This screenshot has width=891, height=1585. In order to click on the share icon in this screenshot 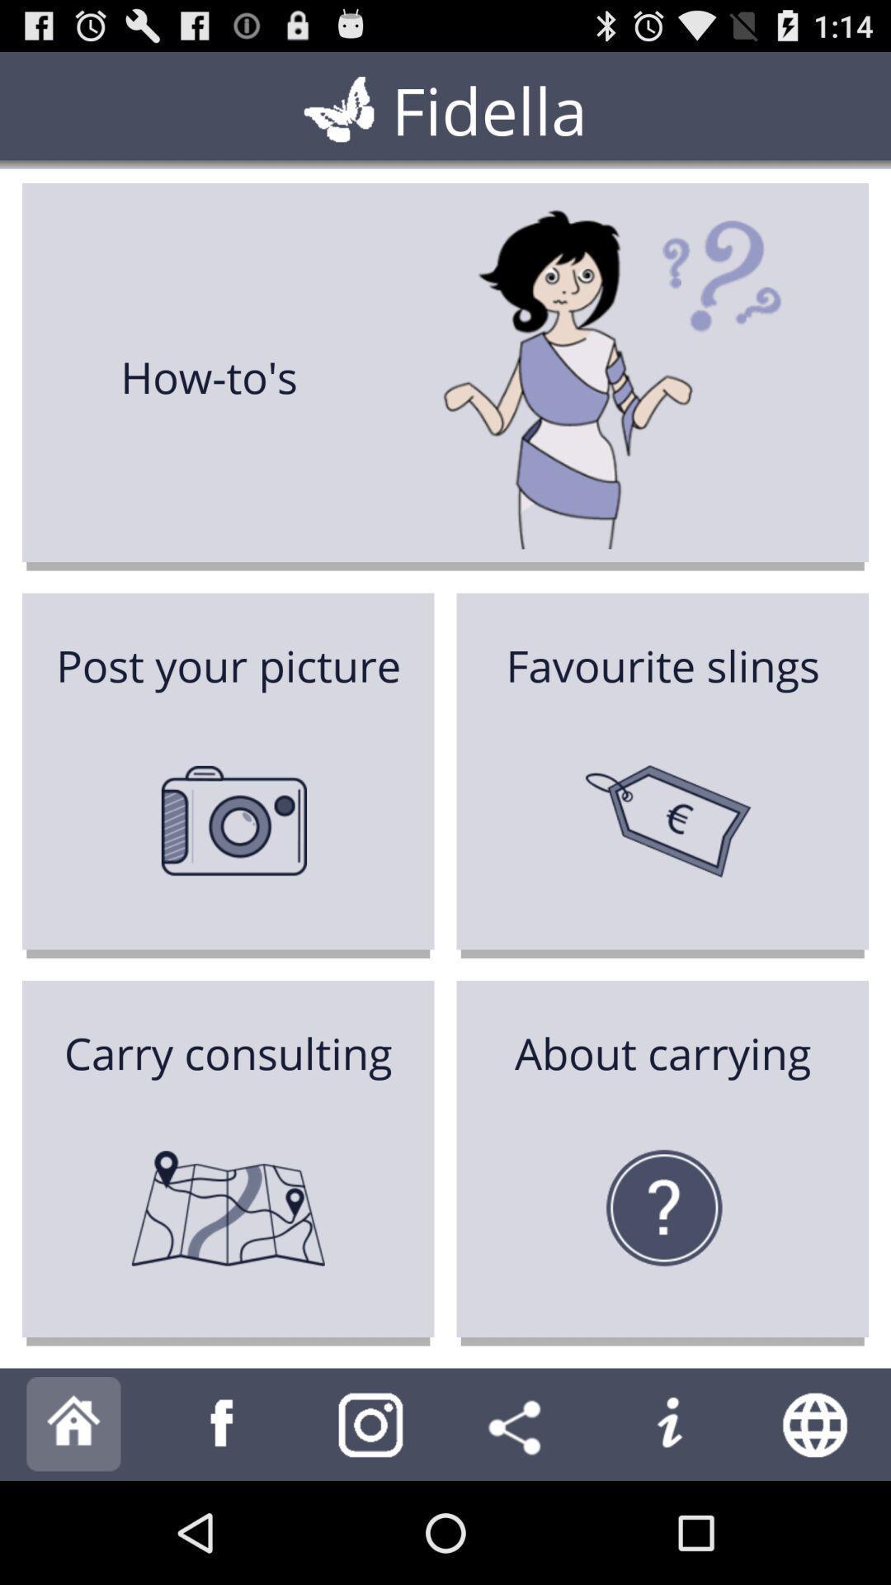, I will do `click(518, 1524)`.